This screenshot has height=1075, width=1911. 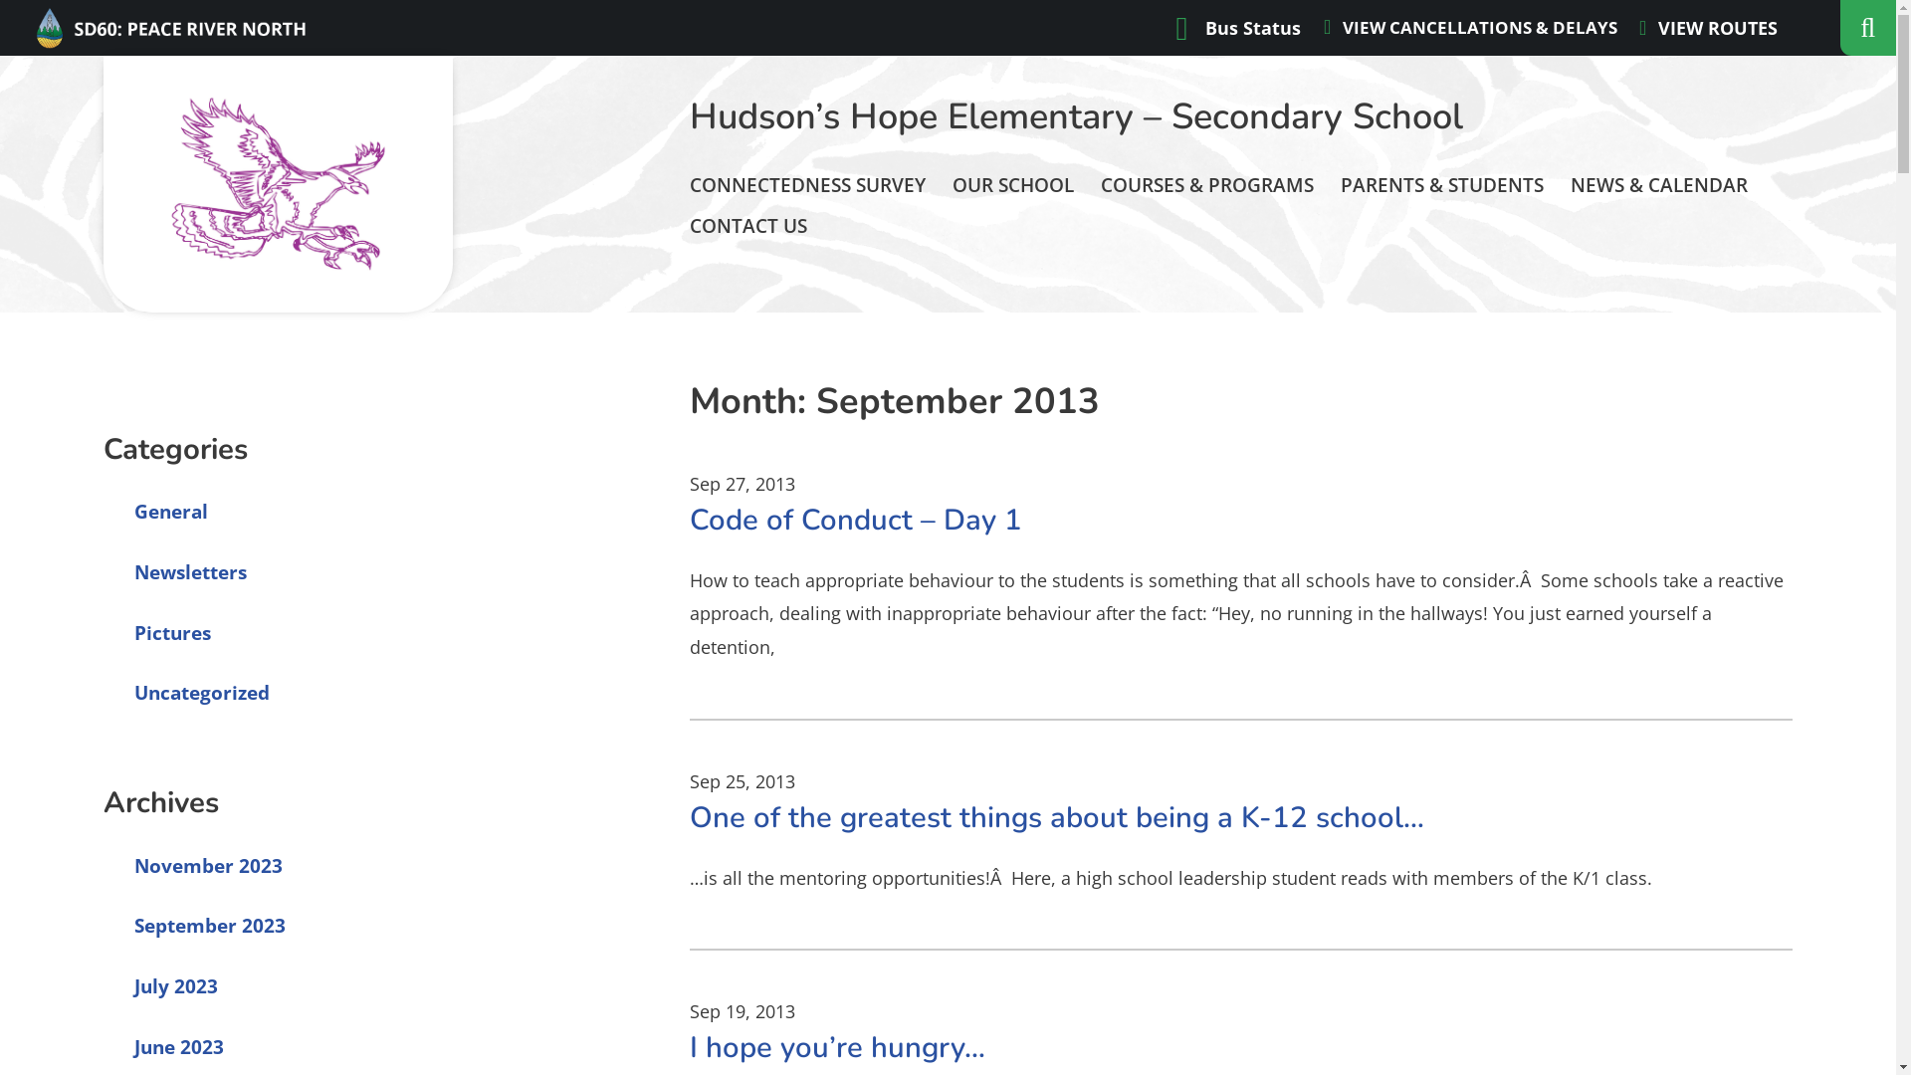 I want to click on 'OUR SCHOOL', so click(x=1012, y=185).